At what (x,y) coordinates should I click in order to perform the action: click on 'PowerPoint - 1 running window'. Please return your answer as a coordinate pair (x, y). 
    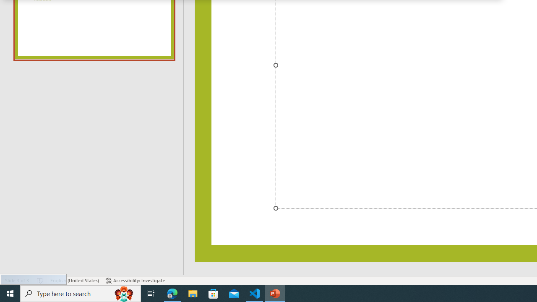
    Looking at the image, I should click on (275, 293).